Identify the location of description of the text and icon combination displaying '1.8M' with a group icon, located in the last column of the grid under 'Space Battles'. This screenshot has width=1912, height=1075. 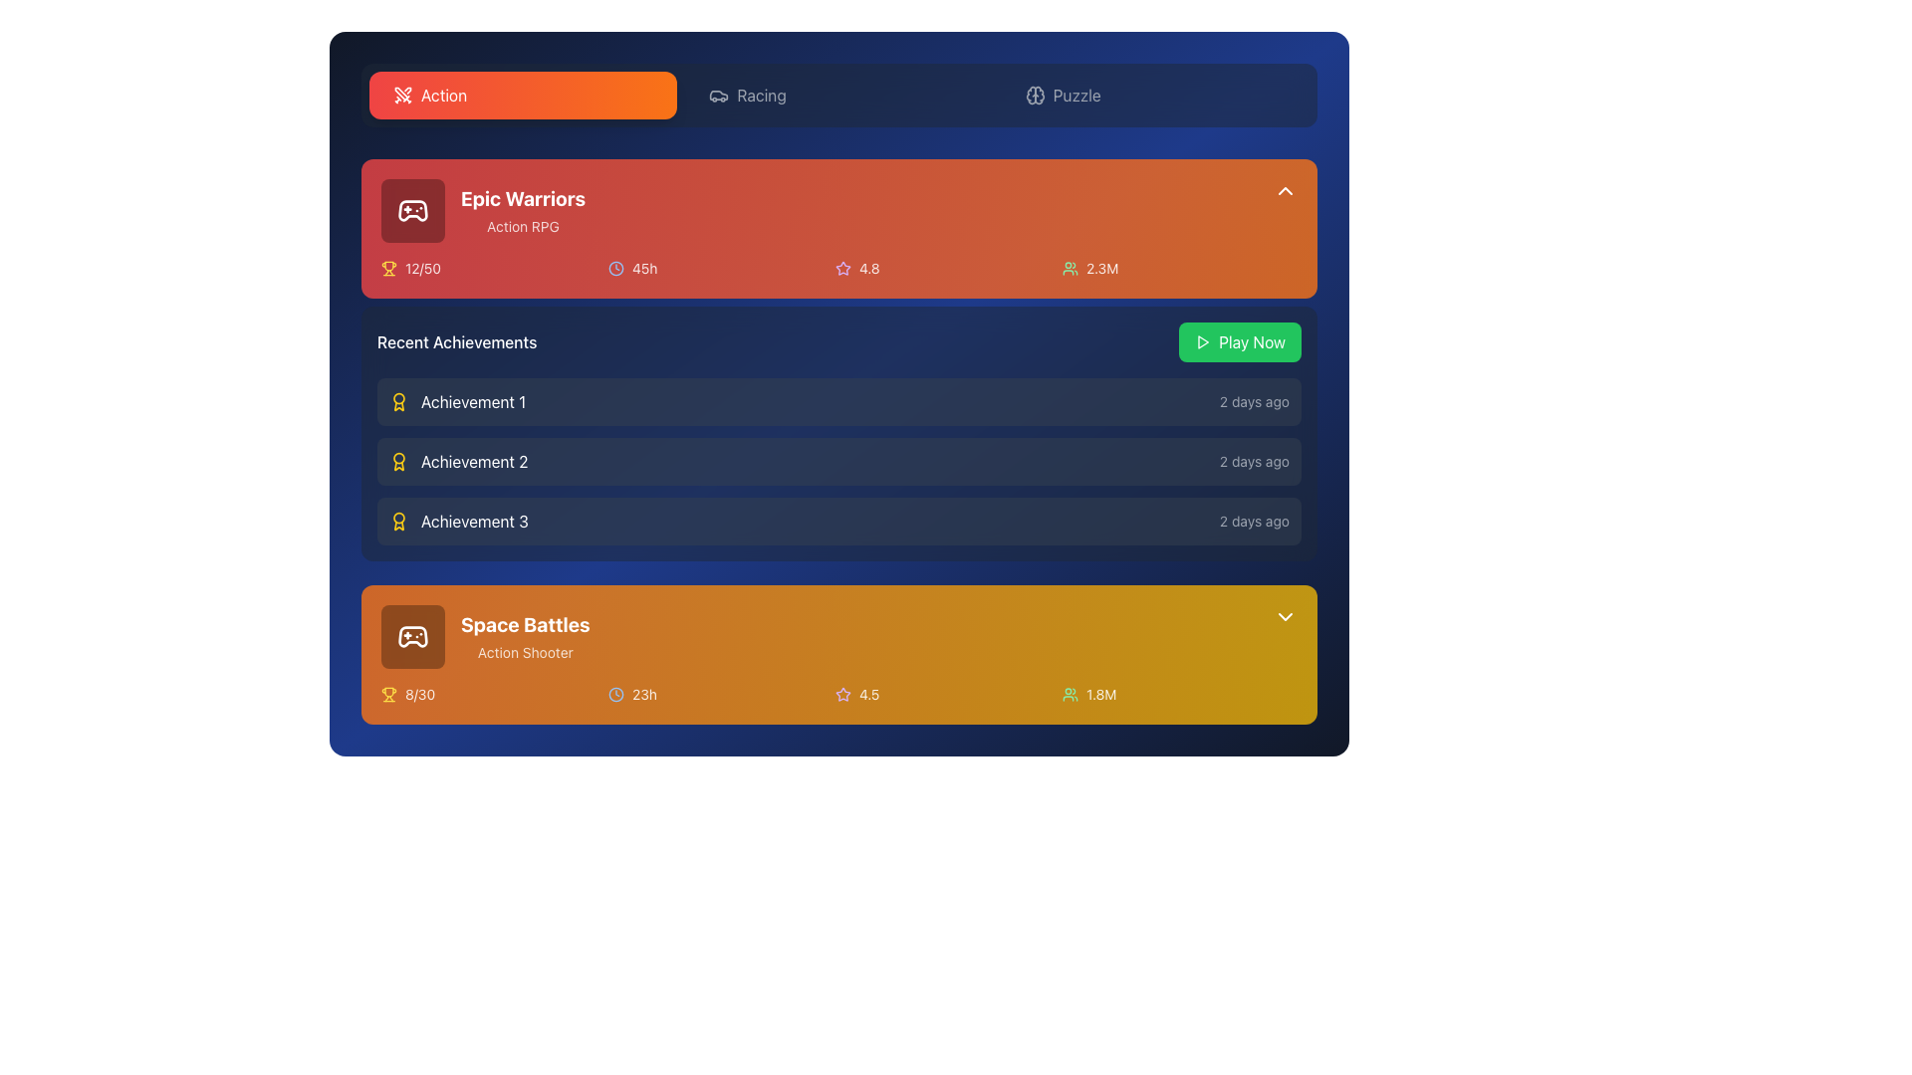
(1167, 694).